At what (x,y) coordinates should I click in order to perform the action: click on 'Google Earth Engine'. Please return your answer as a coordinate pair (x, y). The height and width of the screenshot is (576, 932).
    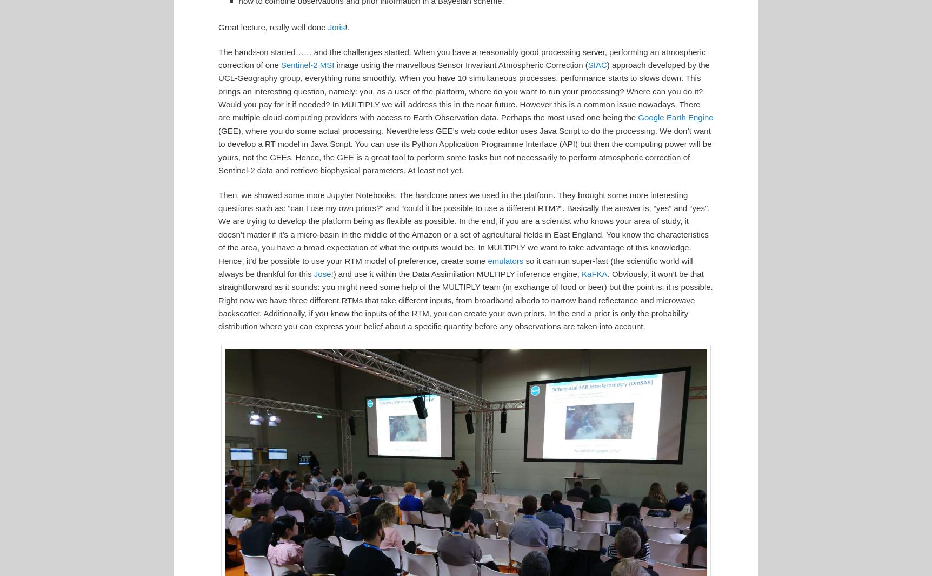
    Looking at the image, I should click on (675, 117).